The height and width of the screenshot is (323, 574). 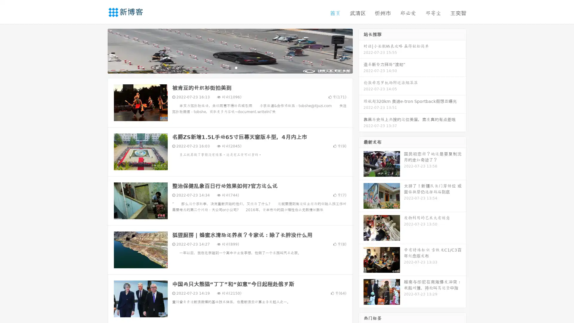 I want to click on Previous slide, so click(x=99, y=50).